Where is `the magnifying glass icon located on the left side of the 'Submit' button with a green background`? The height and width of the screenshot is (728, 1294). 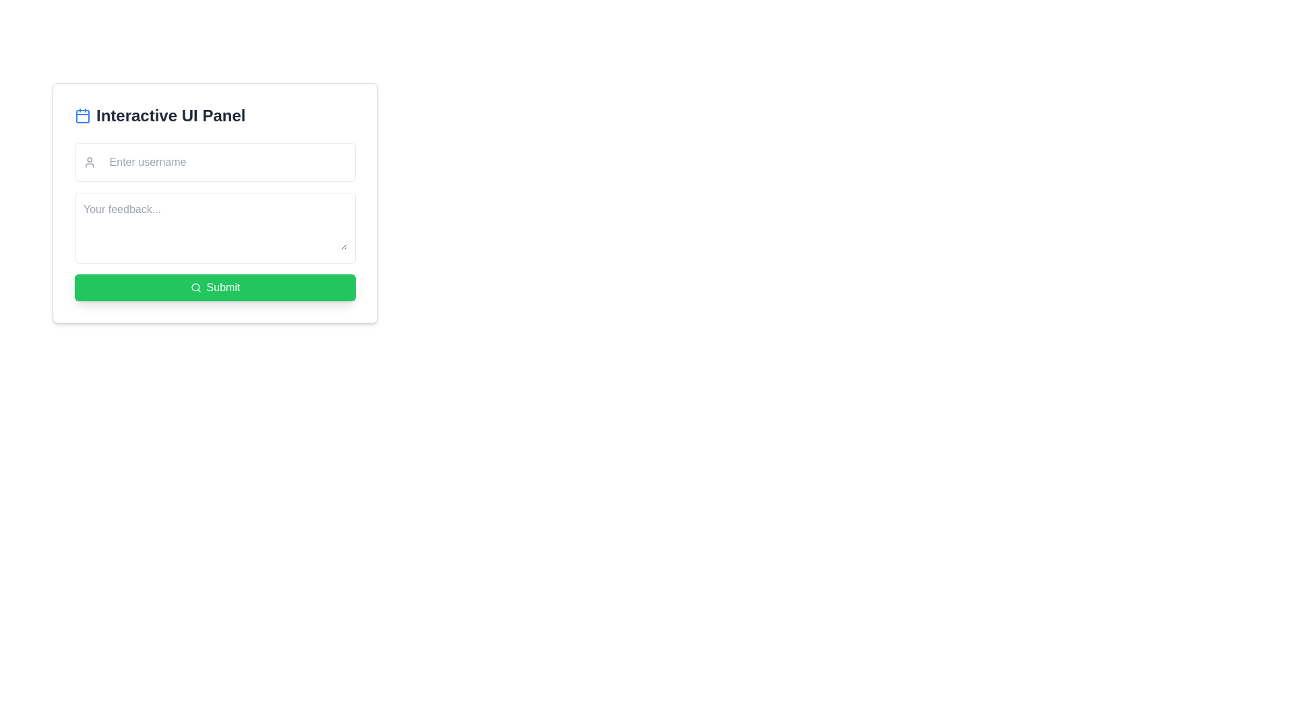 the magnifying glass icon located on the left side of the 'Submit' button with a green background is located at coordinates (195, 287).